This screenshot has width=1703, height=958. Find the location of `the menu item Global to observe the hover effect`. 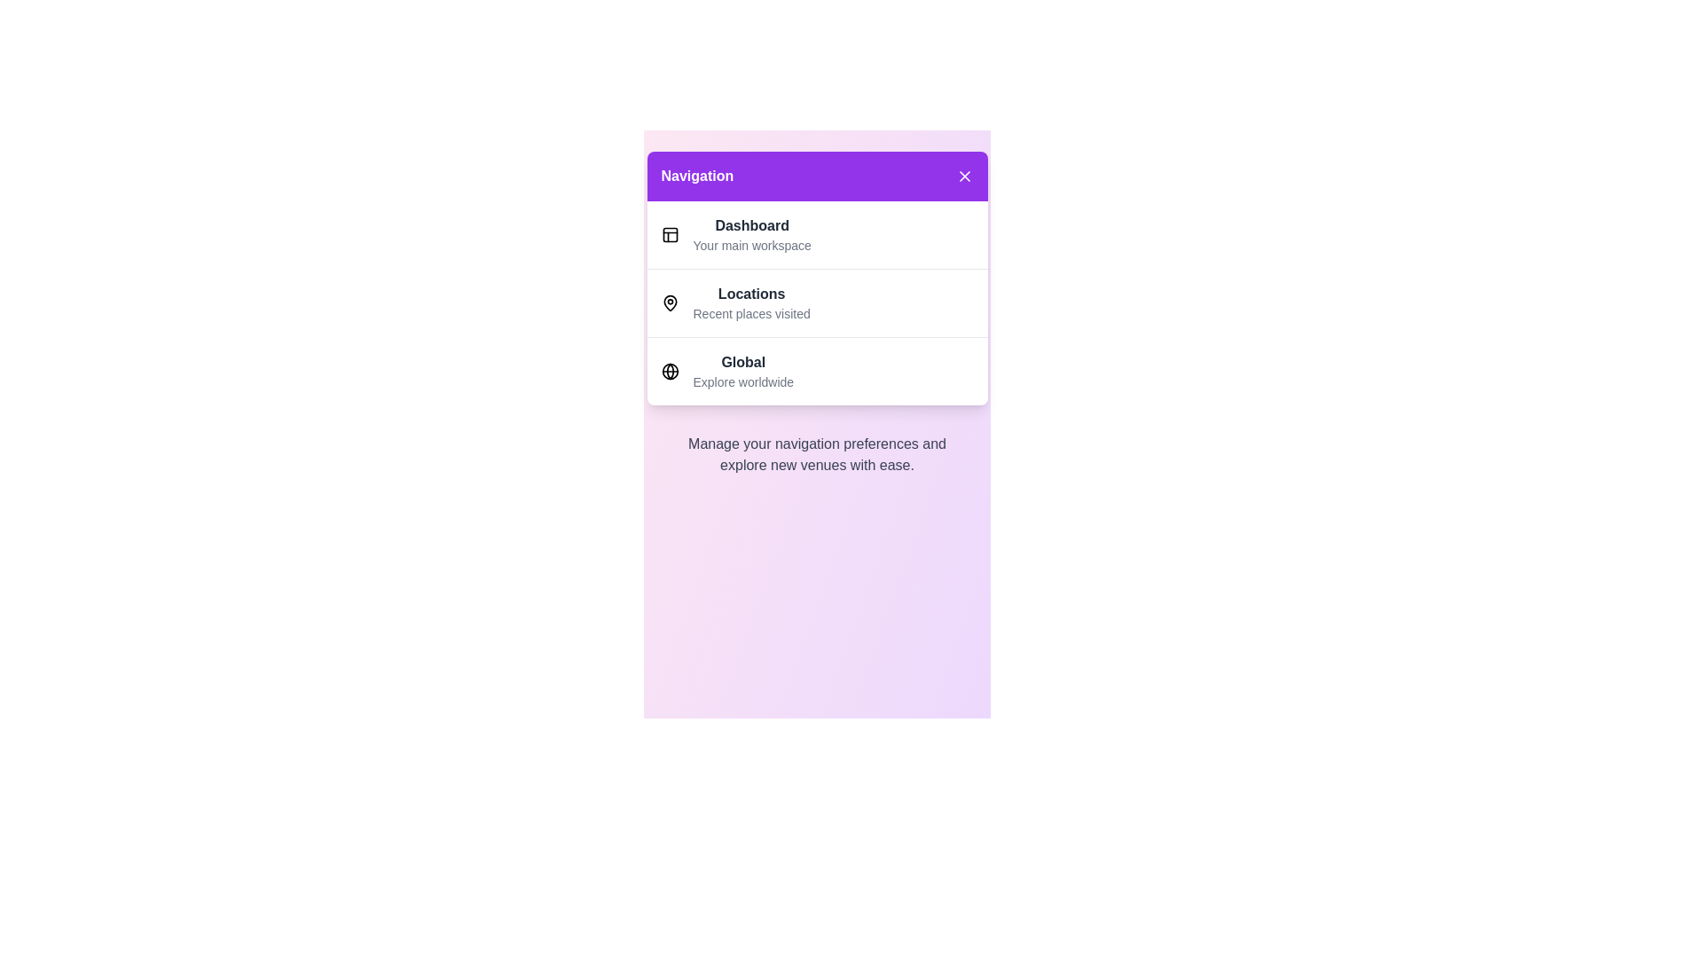

the menu item Global to observe the hover effect is located at coordinates (816, 370).